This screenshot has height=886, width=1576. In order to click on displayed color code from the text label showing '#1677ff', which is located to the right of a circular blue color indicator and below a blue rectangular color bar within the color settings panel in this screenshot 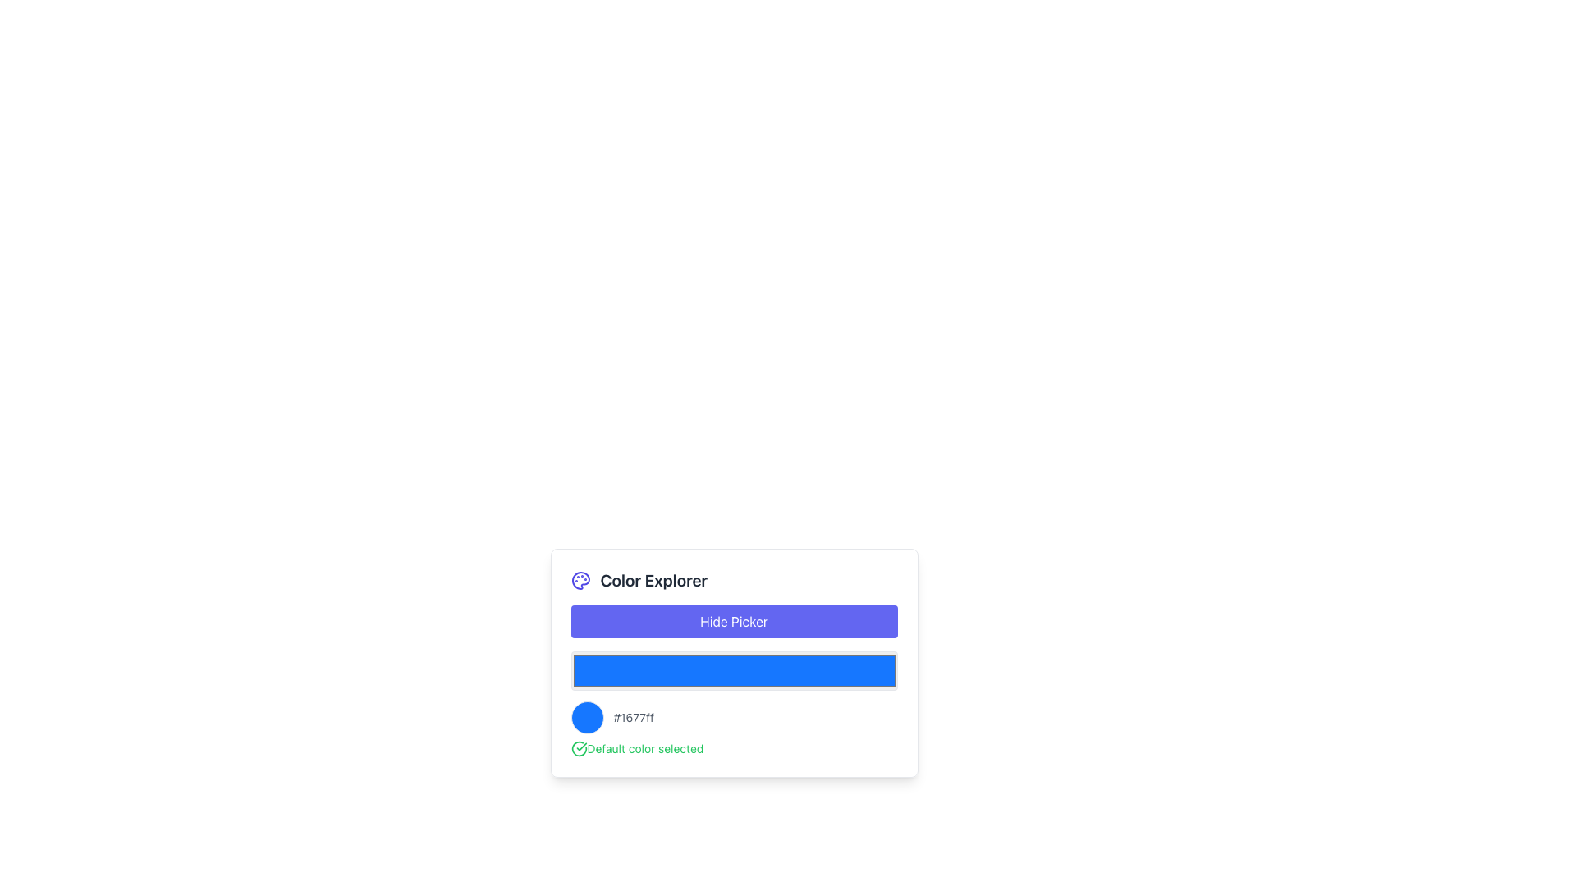, I will do `click(633, 717)`.